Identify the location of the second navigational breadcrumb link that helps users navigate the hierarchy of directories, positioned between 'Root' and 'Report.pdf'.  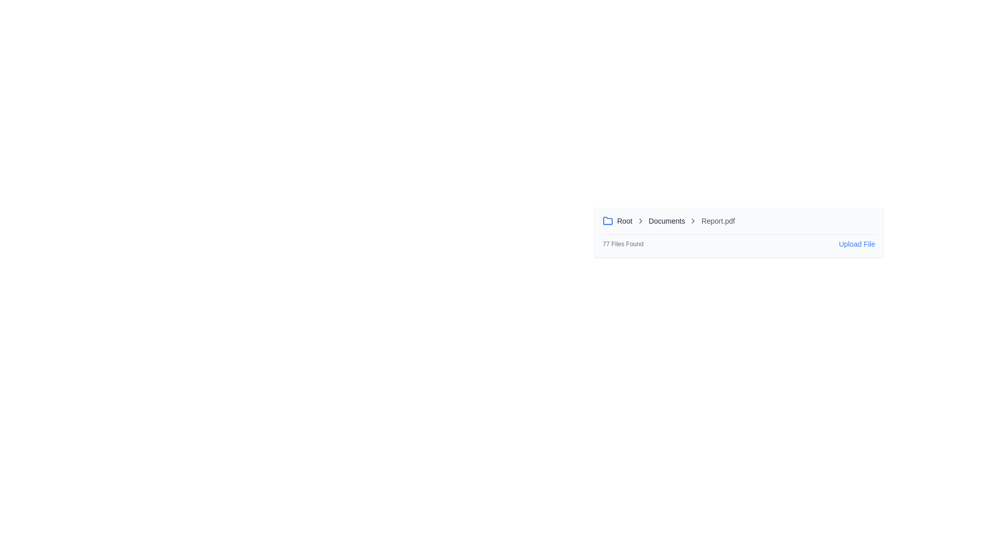
(667, 221).